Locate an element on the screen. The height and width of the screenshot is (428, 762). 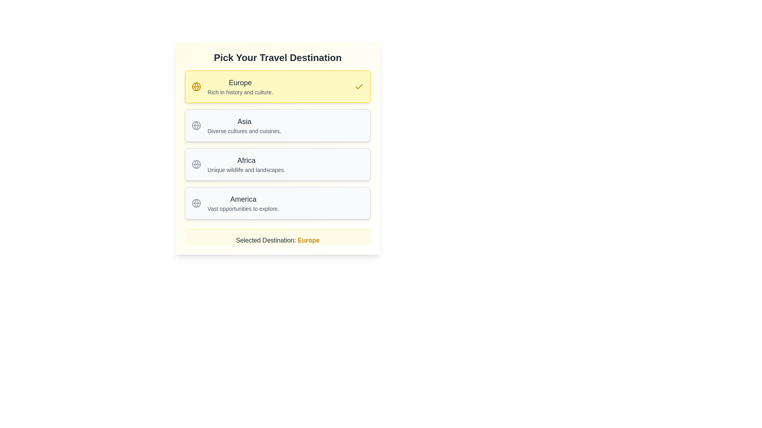
the 'Europe' label located in the upper left of the yellow rectangle within the travel destination selection interface is located at coordinates (240, 87).